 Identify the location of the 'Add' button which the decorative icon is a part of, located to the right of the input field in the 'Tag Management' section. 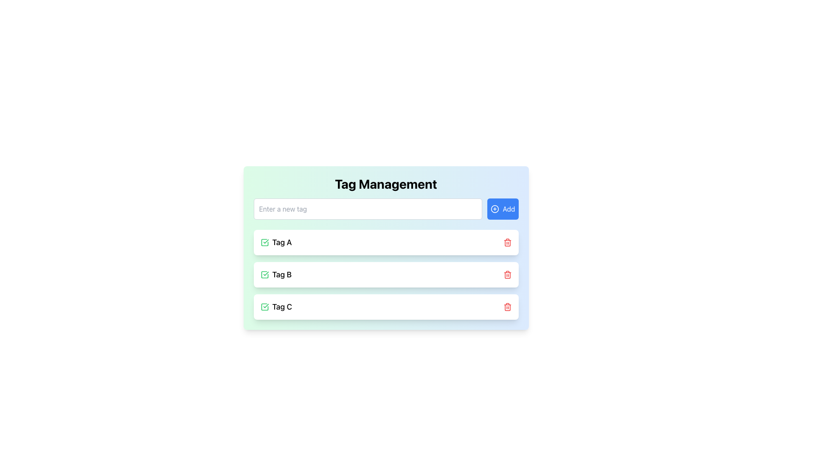
(495, 209).